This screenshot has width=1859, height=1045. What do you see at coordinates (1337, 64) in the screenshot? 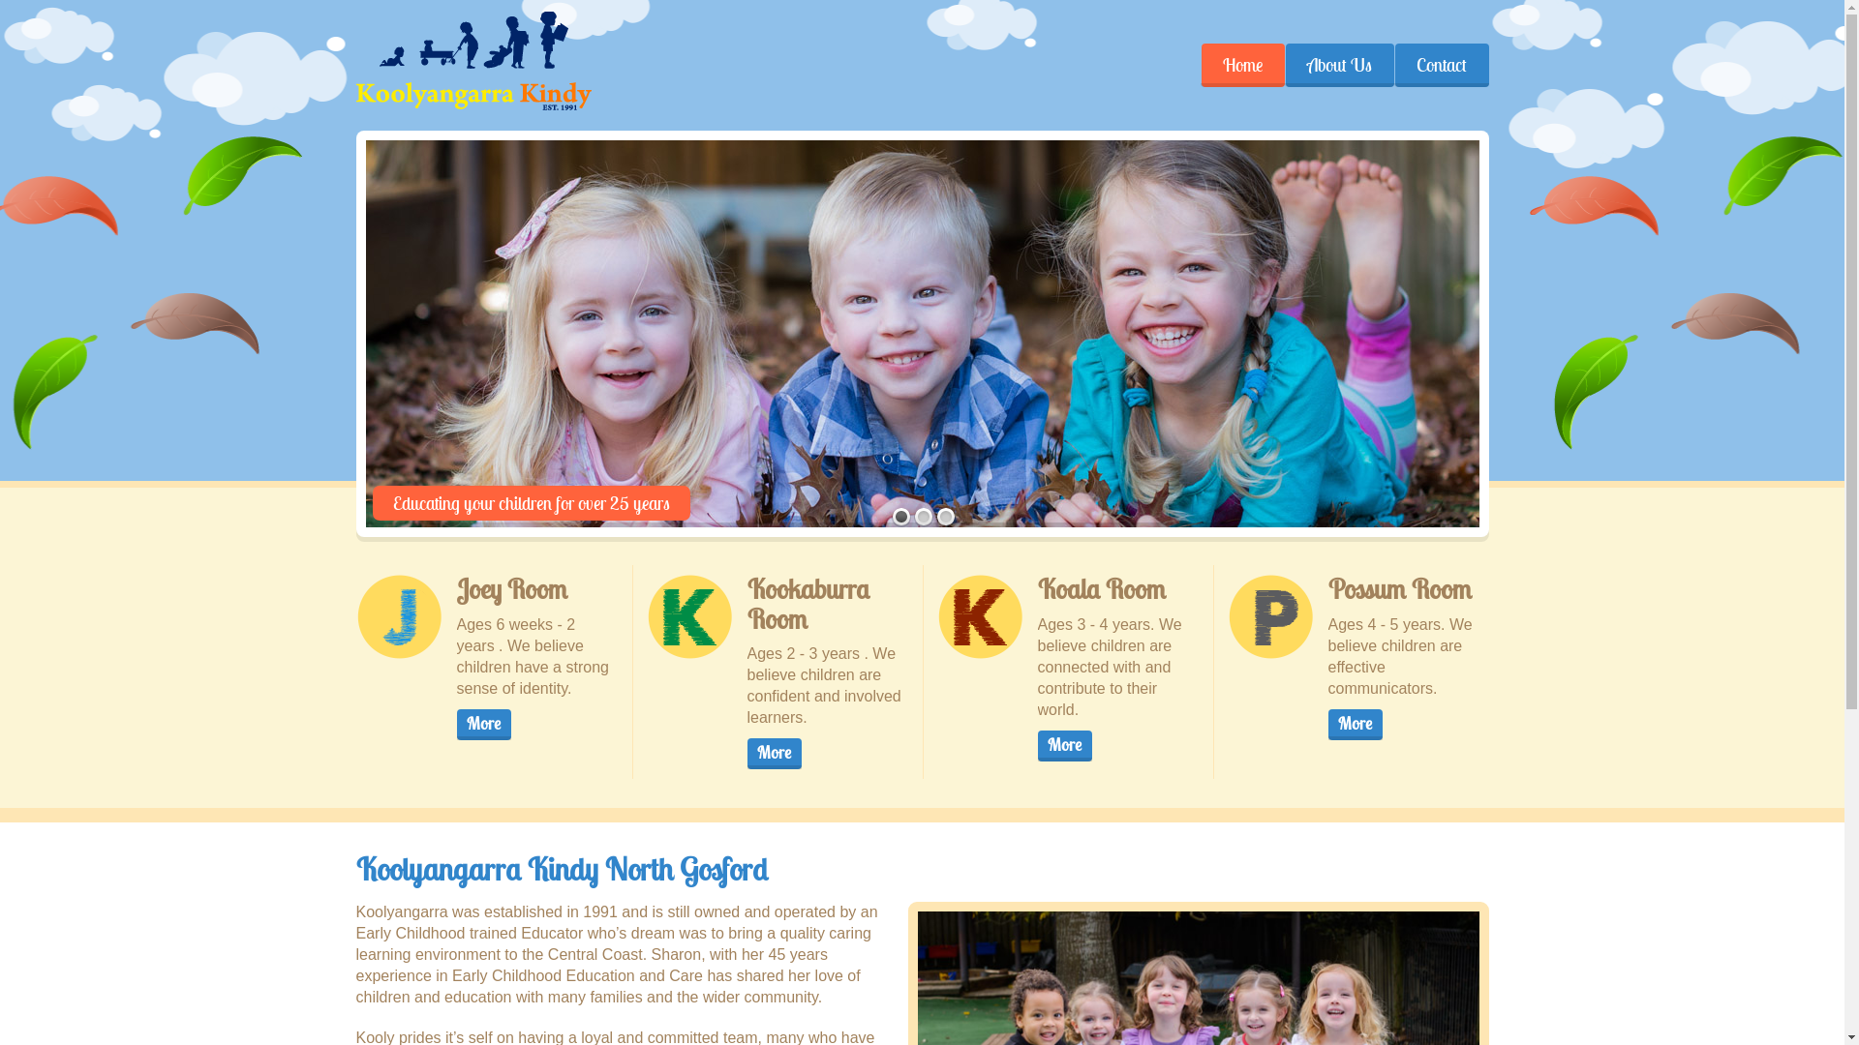
I see `'About Us'` at bounding box center [1337, 64].